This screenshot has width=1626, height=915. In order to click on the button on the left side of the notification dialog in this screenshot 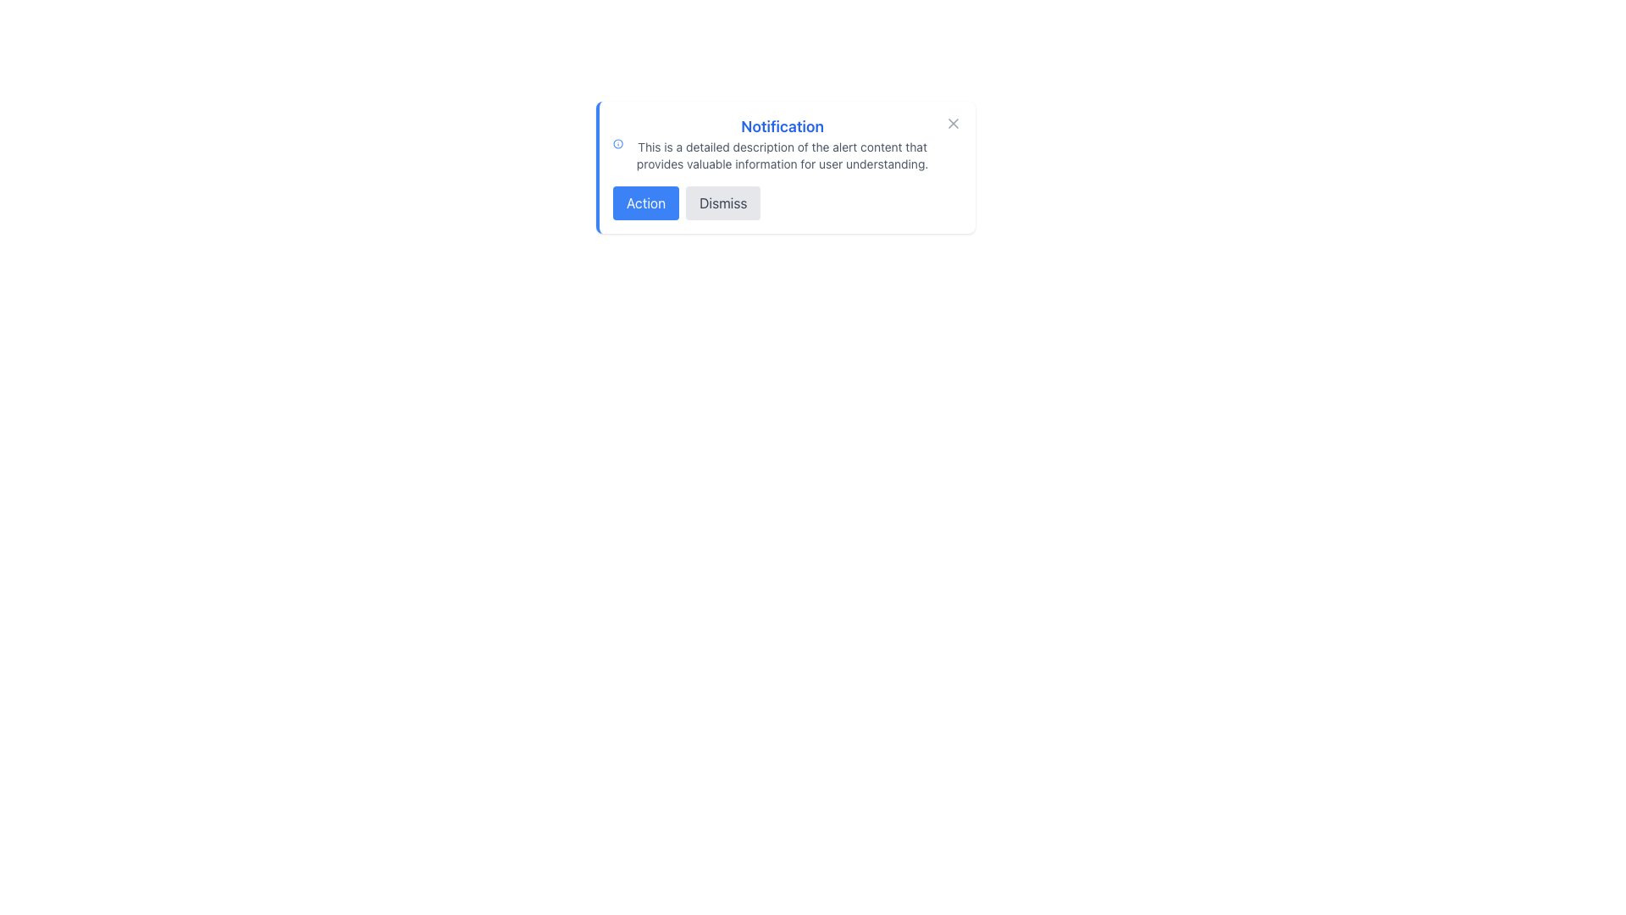, I will do `click(645, 202)`.